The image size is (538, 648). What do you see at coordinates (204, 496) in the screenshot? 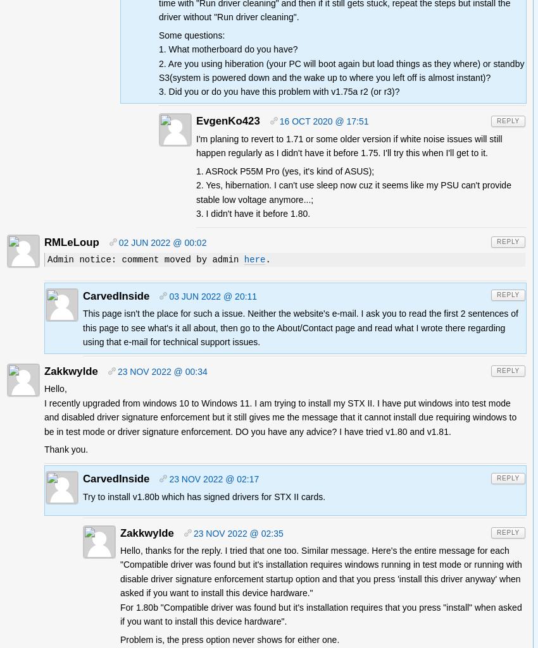
I see `'Try to install v1.80b which has signed drivers for STX II cards.'` at bounding box center [204, 496].